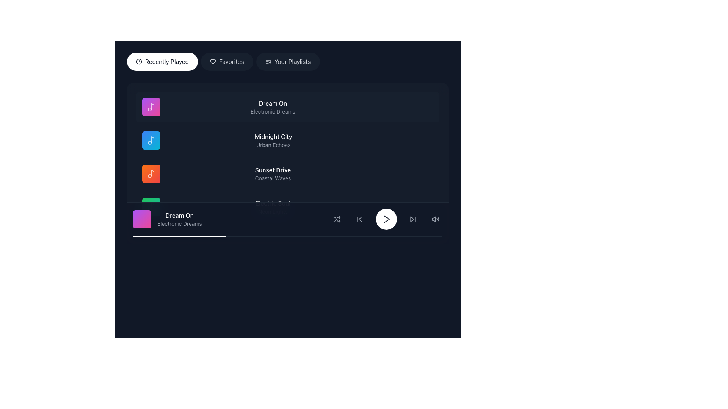  I want to click on the circular button with a speaker icon and sound waves located at the far right of the control buttons, so click(435, 219).